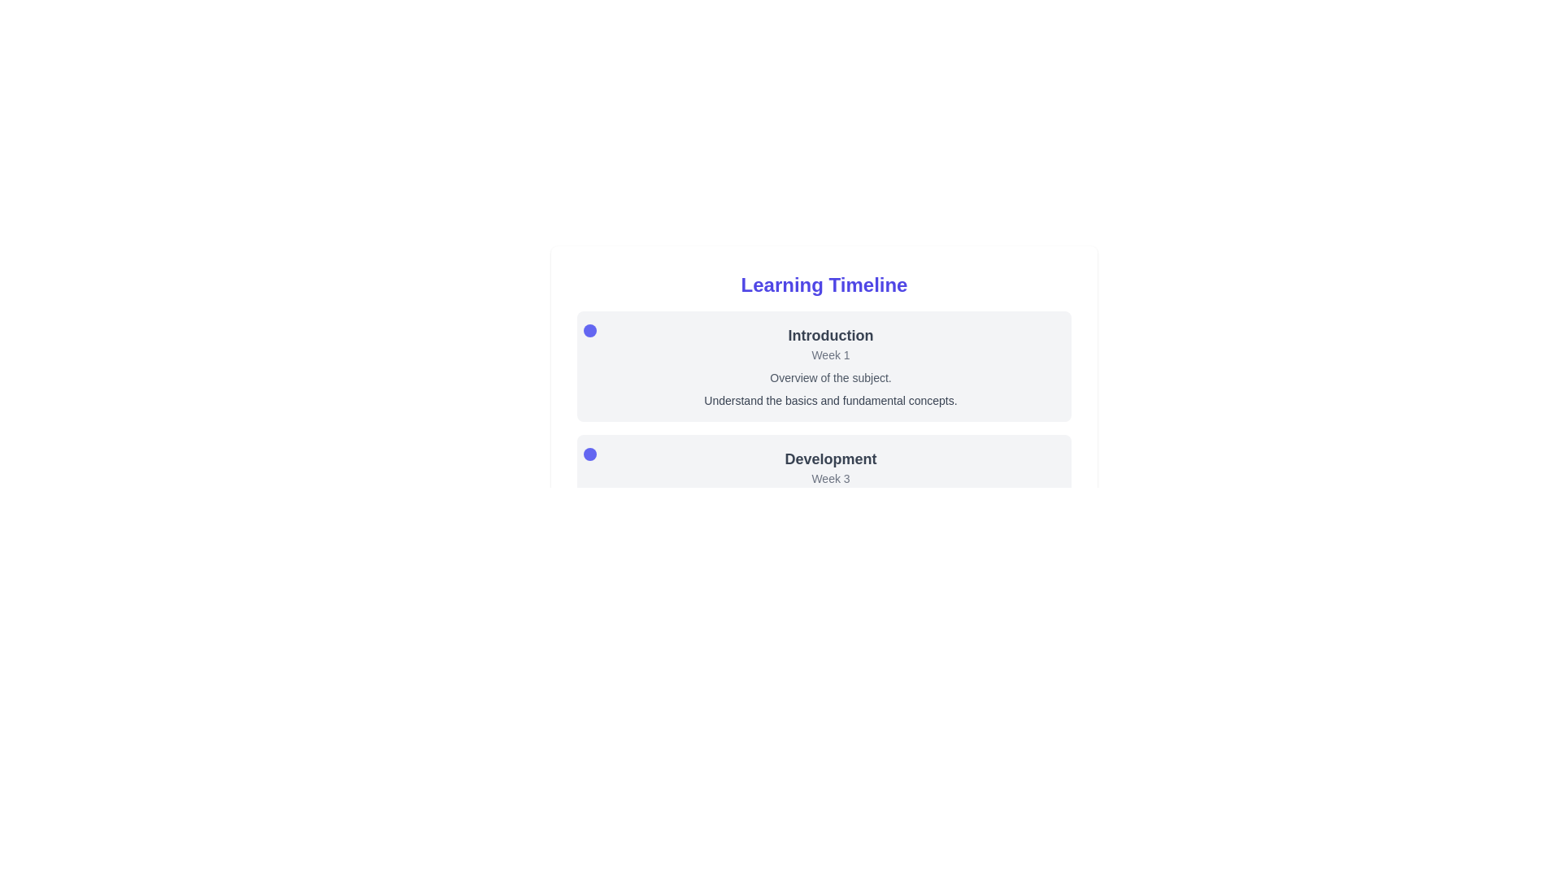  Describe the element at coordinates (831, 478) in the screenshot. I see `the 'Week 3' Text Label element, which is styled with a small gray font and positioned within a rounded, shaded panel beneath the 'Development' heading` at that location.